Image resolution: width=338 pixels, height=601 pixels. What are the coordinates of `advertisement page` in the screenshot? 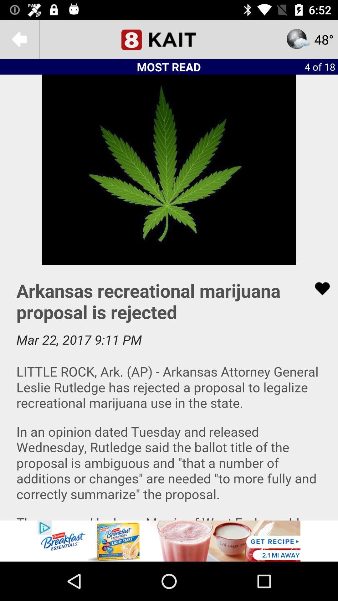 It's located at (169, 541).